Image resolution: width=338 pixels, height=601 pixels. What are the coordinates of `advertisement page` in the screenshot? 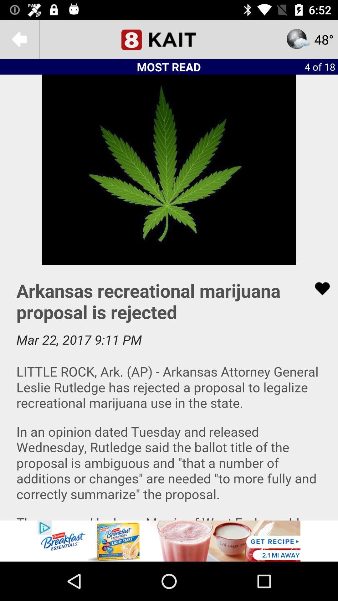 It's located at (169, 541).